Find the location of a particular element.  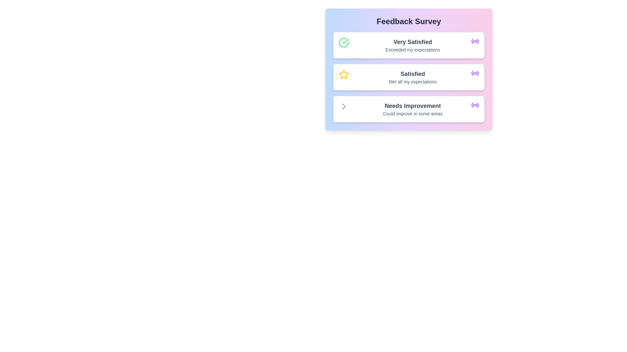

the 'Satisfied' selectable card which is the second option in the feedback section is located at coordinates (409, 77).